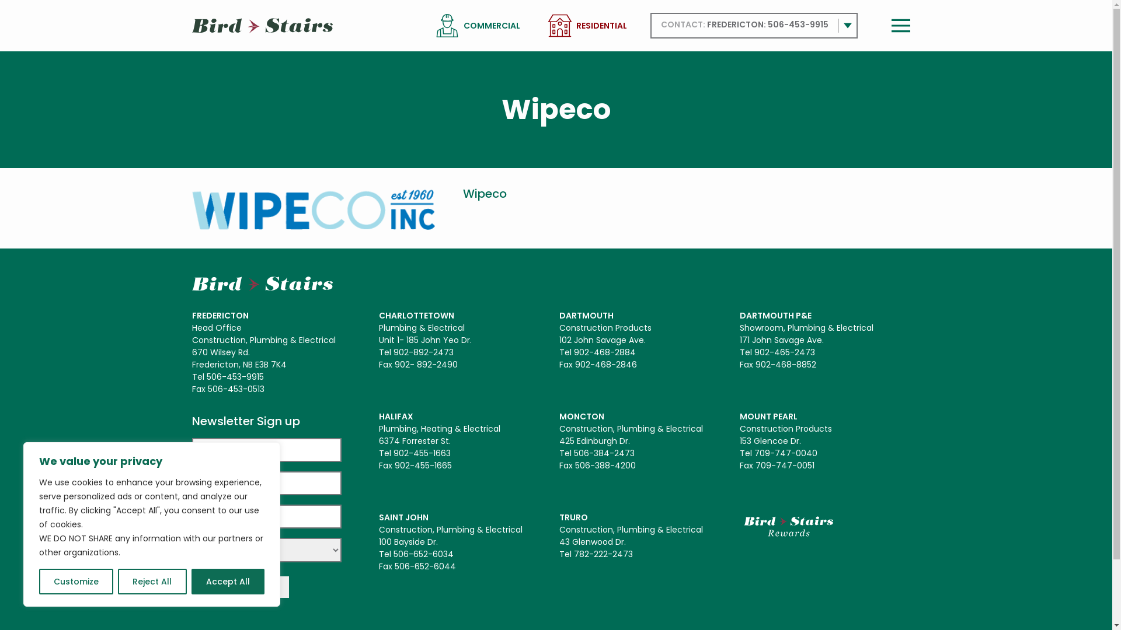  I want to click on 'Reject All', so click(151, 581).